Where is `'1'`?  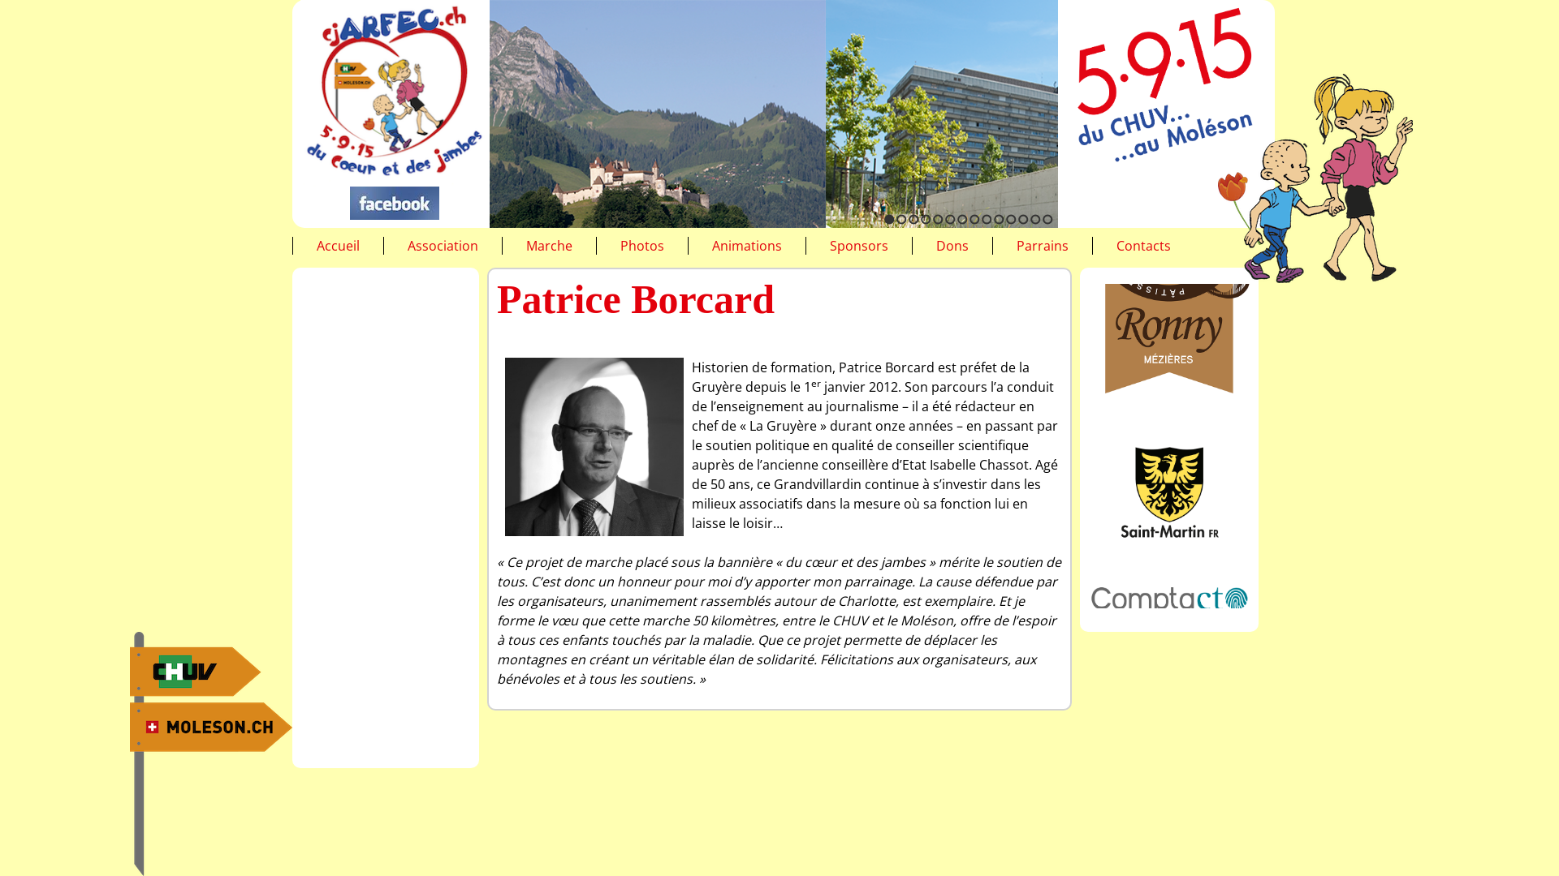 '1' is located at coordinates (888, 219).